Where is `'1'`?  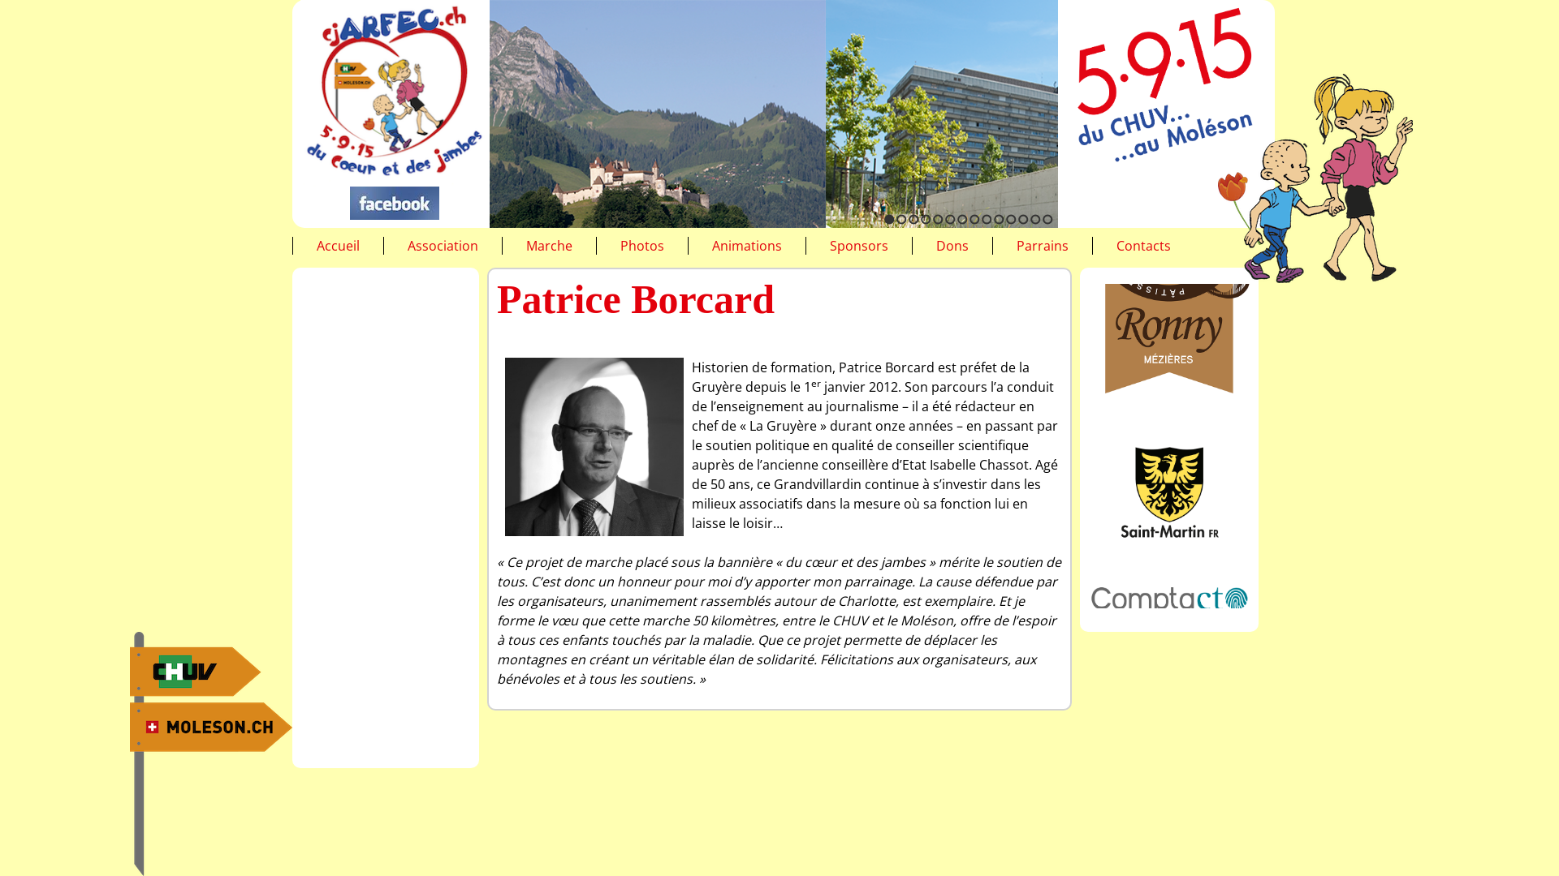 '1' is located at coordinates (888, 219).